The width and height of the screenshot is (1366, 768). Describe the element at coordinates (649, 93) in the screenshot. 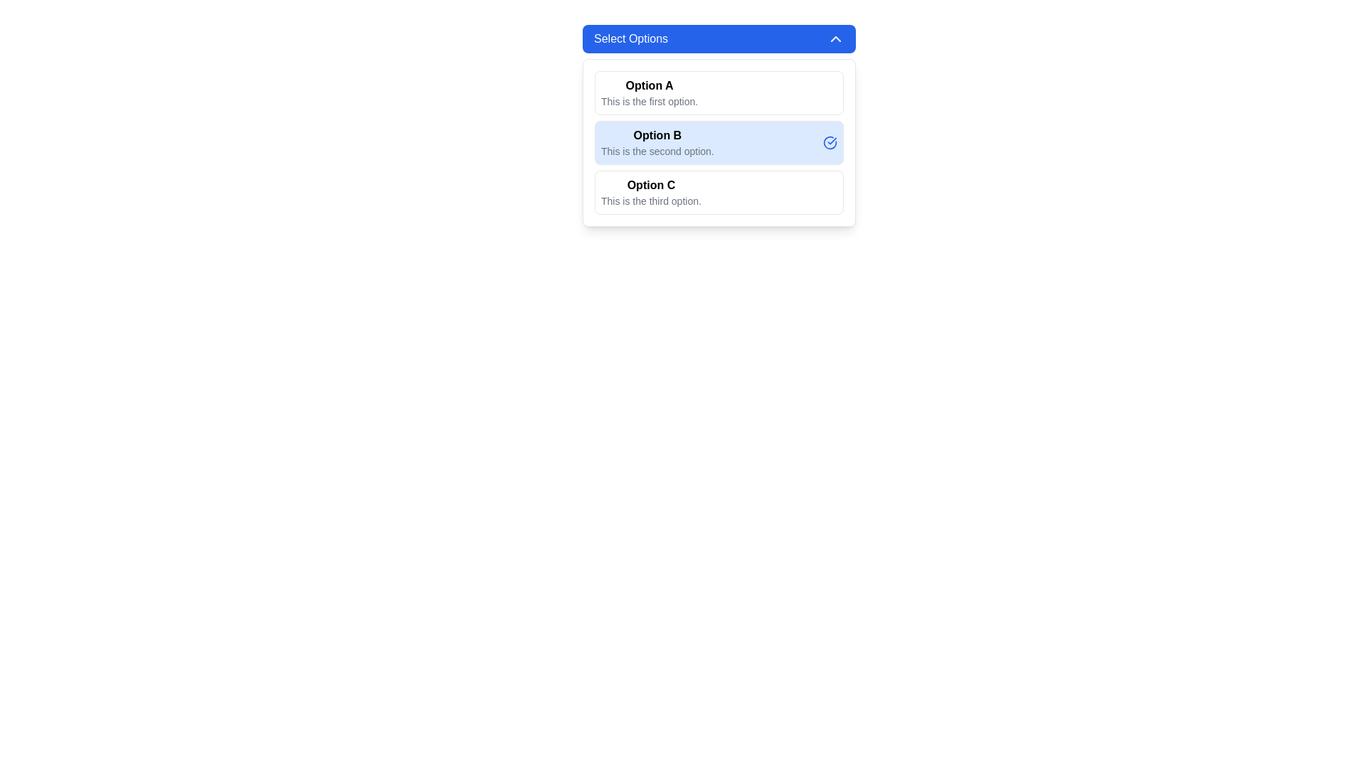

I see `the first text label in the selectable list under 'Select Options', which presents the title and description for user context` at that location.